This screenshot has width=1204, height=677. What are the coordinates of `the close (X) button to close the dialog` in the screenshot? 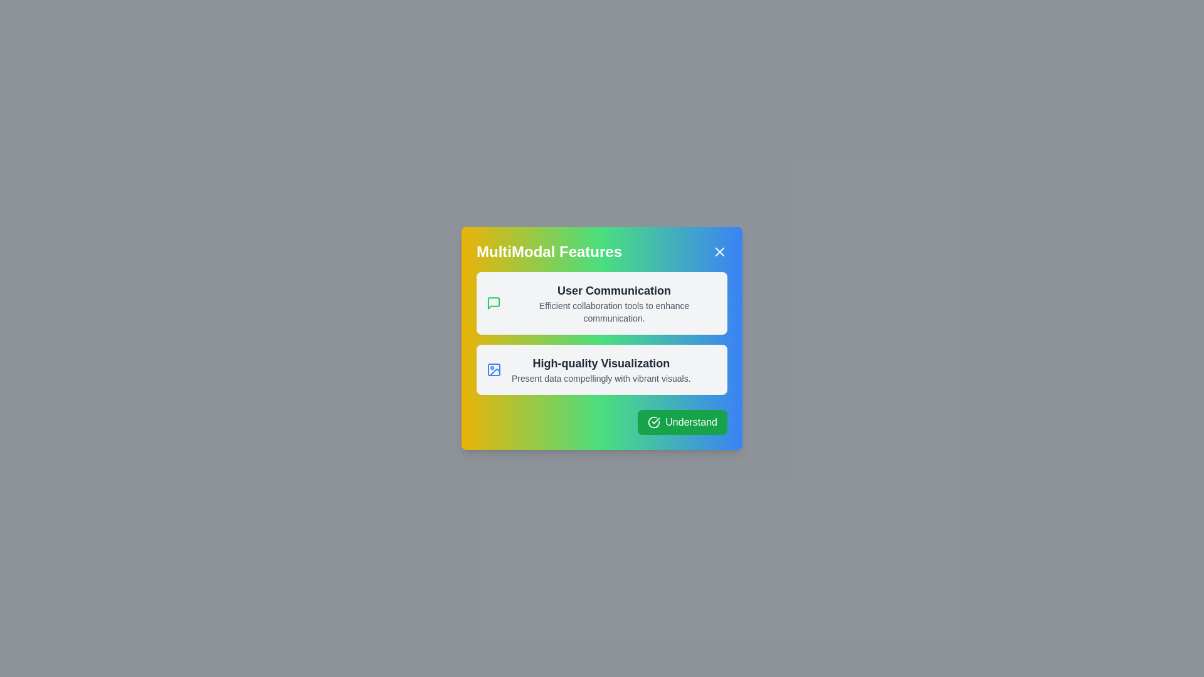 It's located at (719, 251).